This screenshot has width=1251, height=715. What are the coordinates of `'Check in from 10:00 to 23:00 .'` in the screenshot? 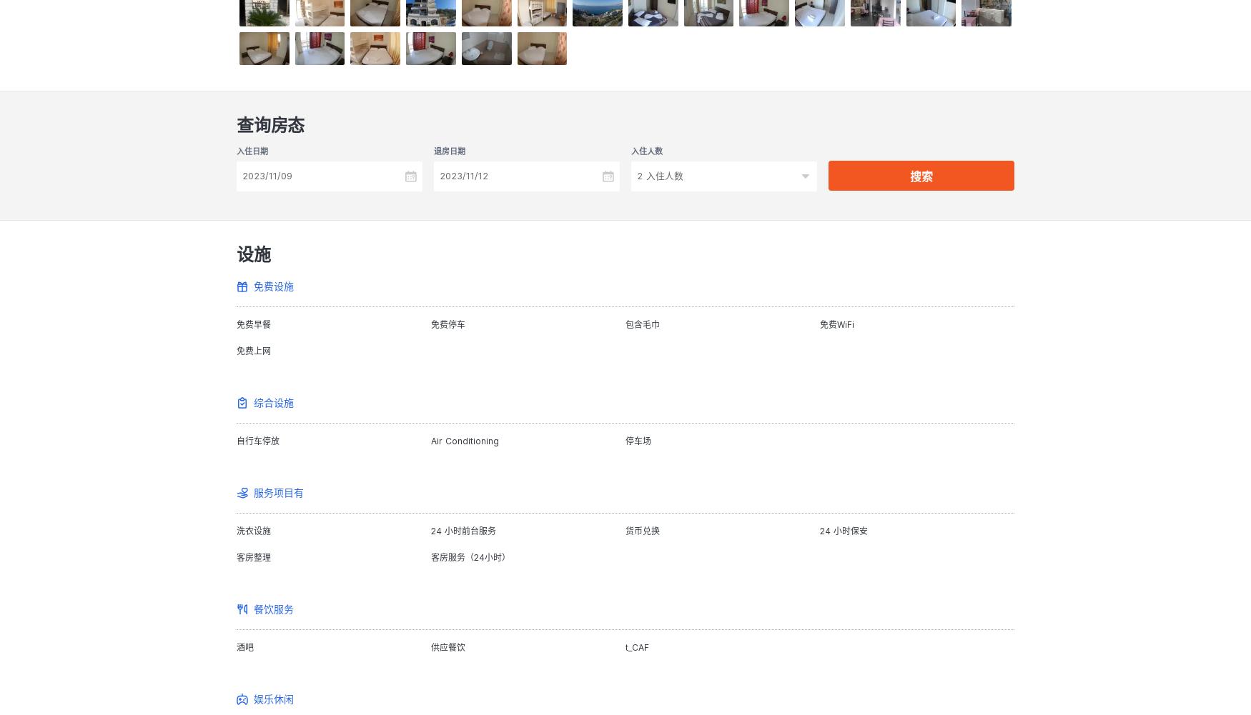 It's located at (518, 88).